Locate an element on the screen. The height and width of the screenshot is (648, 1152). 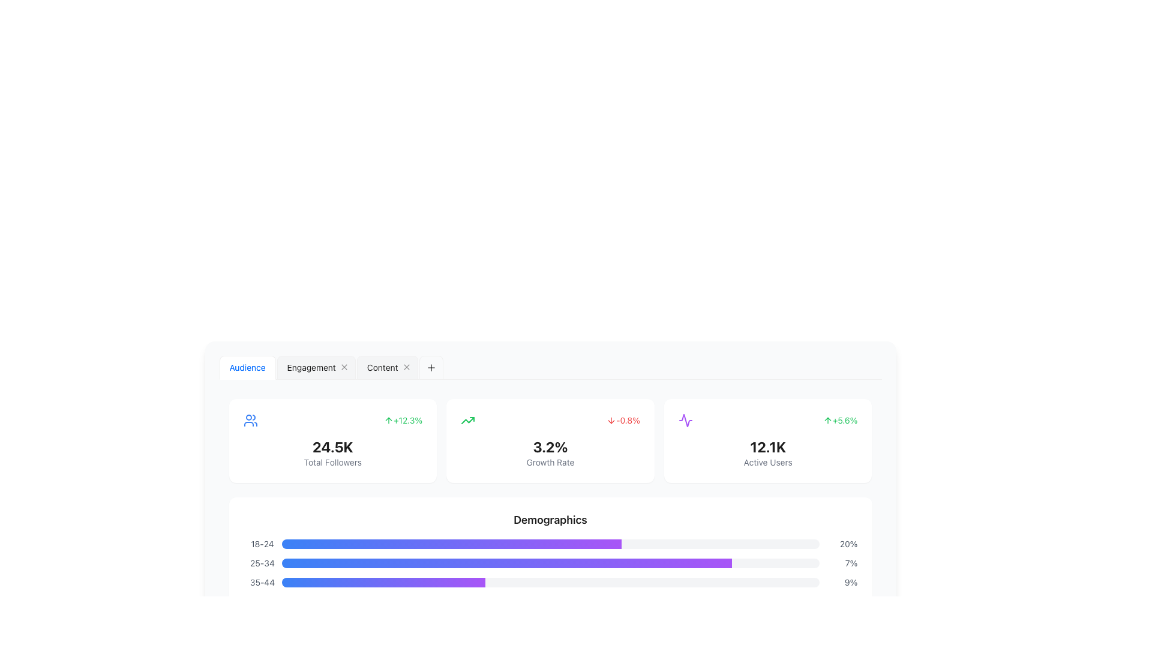
the horizontal progress bar that is light gray with a gradient from blue to purple, located centrally between the labels '45-54' and '12%' is located at coordinates (550, 601).